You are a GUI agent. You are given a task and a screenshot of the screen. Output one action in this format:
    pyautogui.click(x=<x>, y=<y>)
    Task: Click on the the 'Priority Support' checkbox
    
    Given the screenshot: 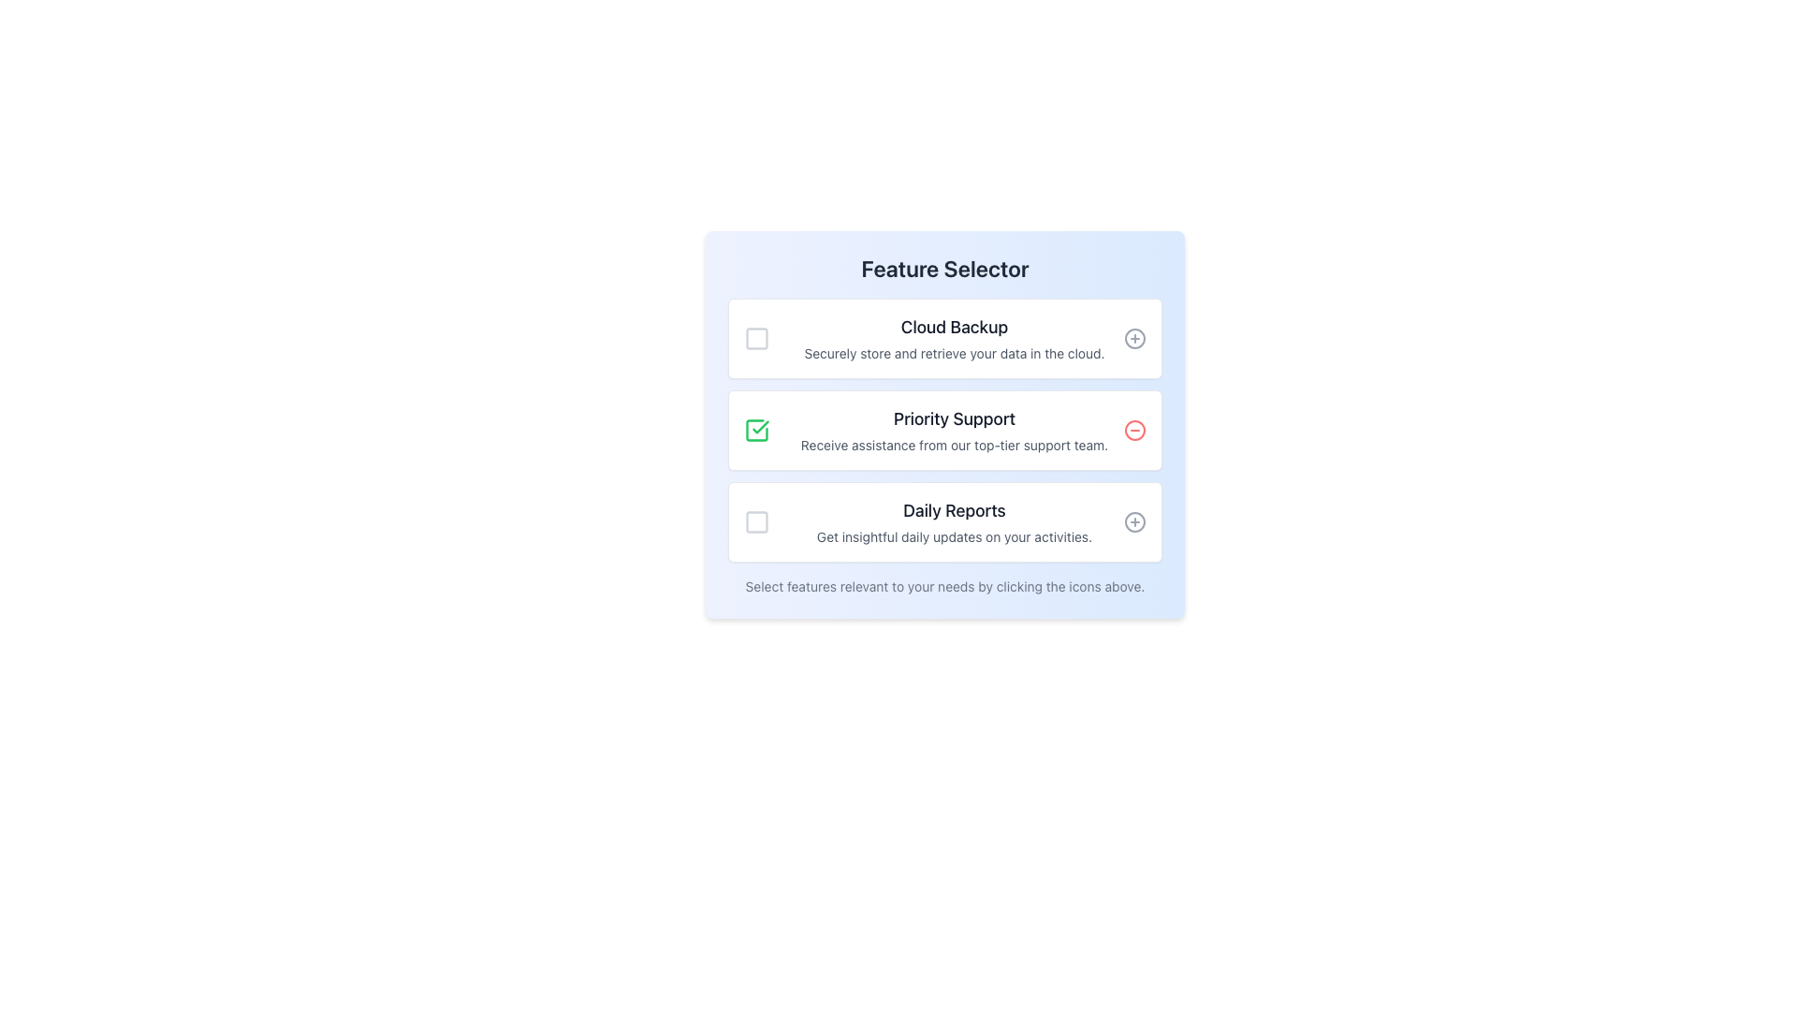 What is the action you would take?
    pyautogui.click(x=757, y=430)
    